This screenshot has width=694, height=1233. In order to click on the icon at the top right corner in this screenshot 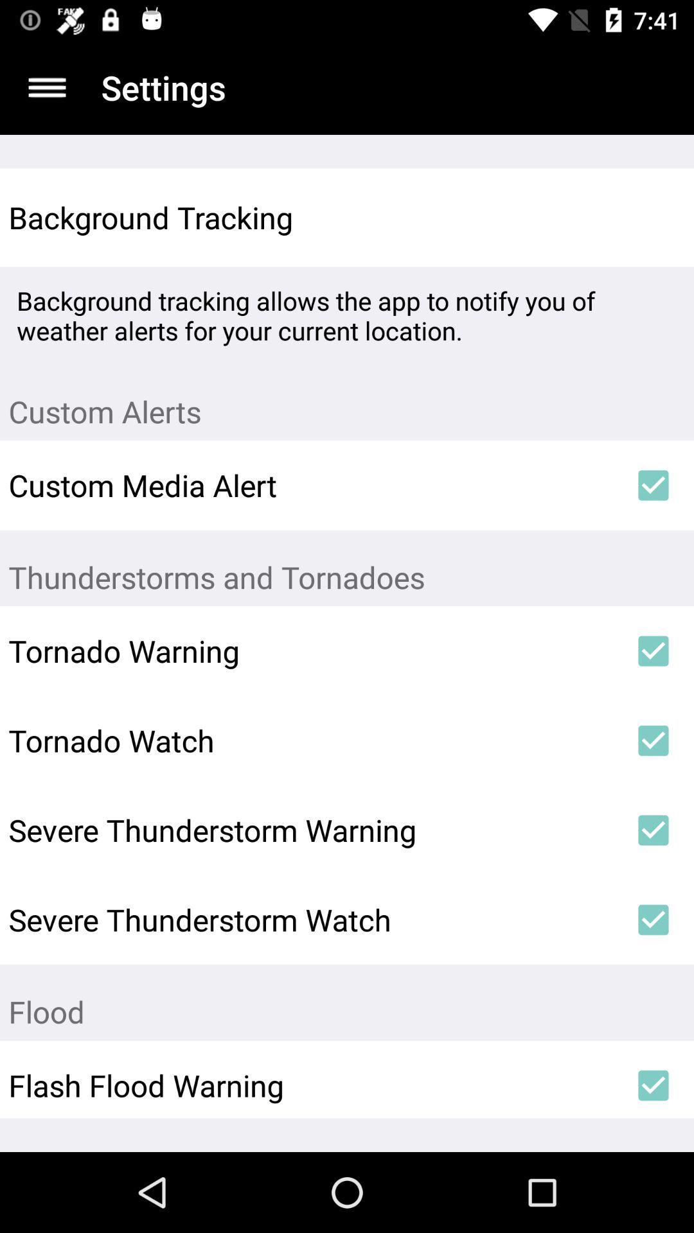, I will do `click(654, 218)`.